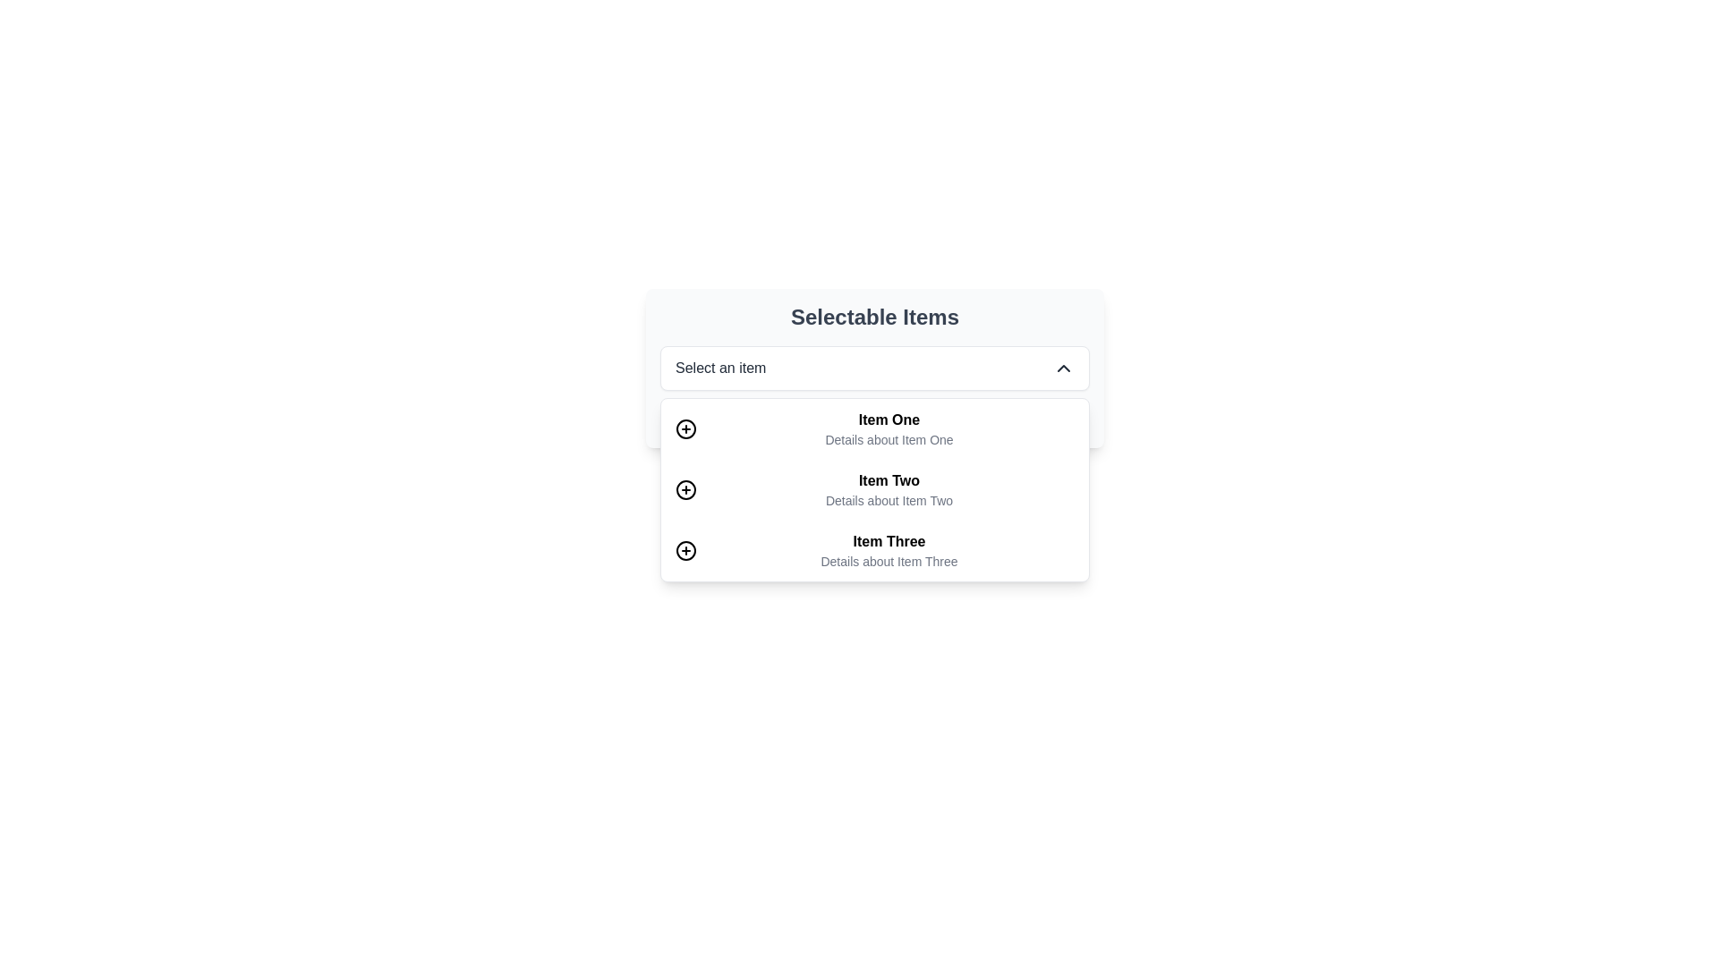 Image resolution: width=1718 pixels, height=966 pixels. Describe the element at coordinates (685, 428) in the screenshot. I see `the icon button located to the left of 'Item One'` at that location.